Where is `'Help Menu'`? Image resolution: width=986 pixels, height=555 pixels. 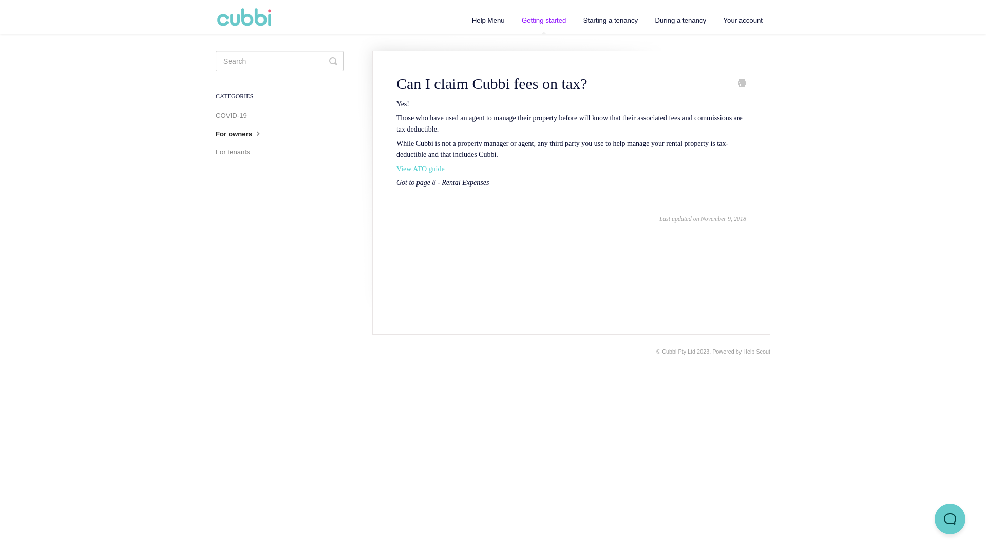 'Help Menu' is located at coordinates (463, 20).